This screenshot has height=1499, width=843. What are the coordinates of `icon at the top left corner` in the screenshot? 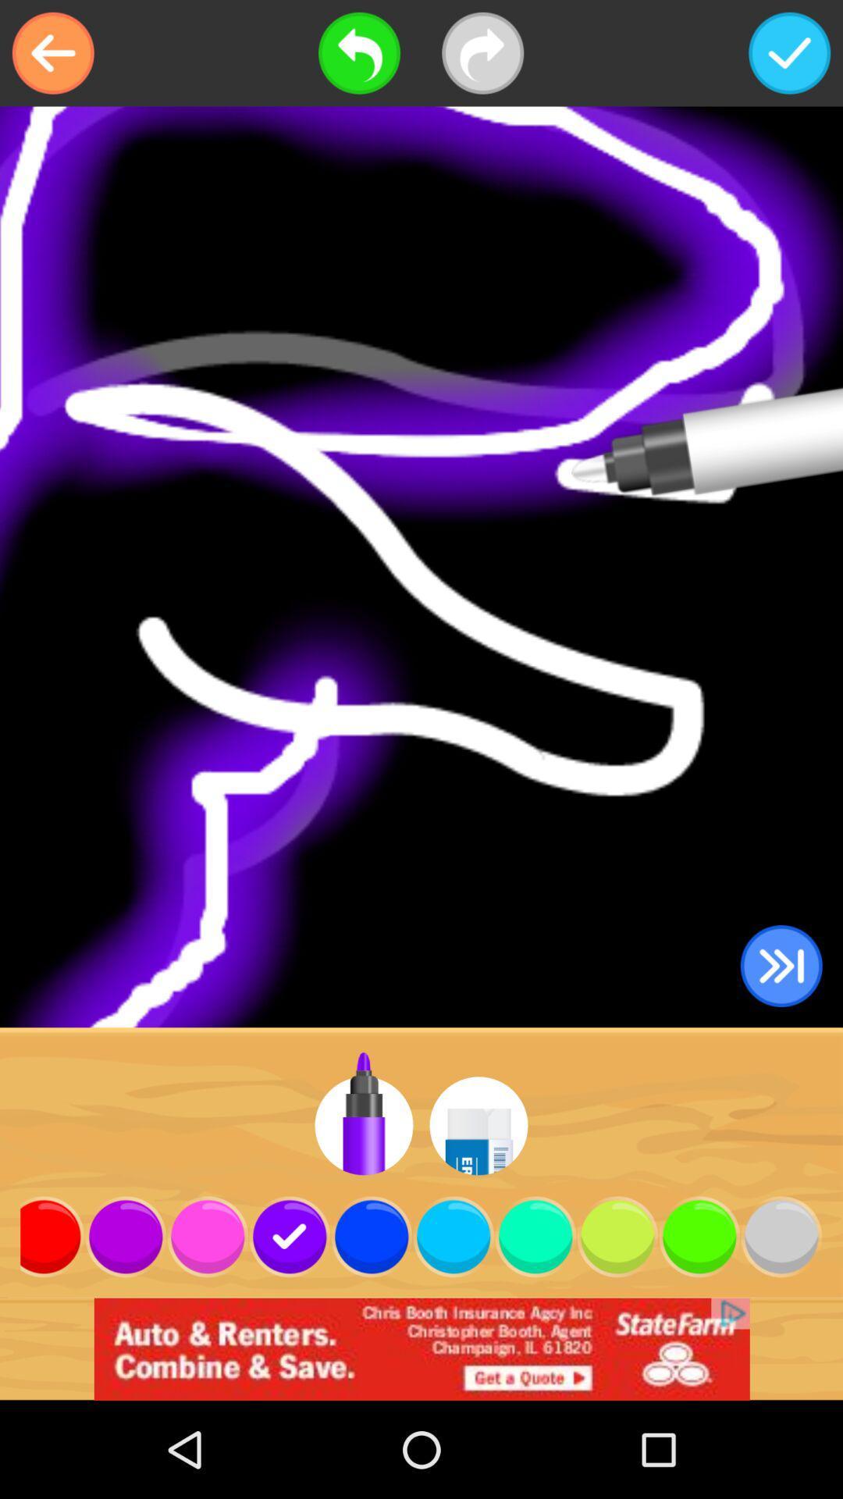 It's located at (52, 53).